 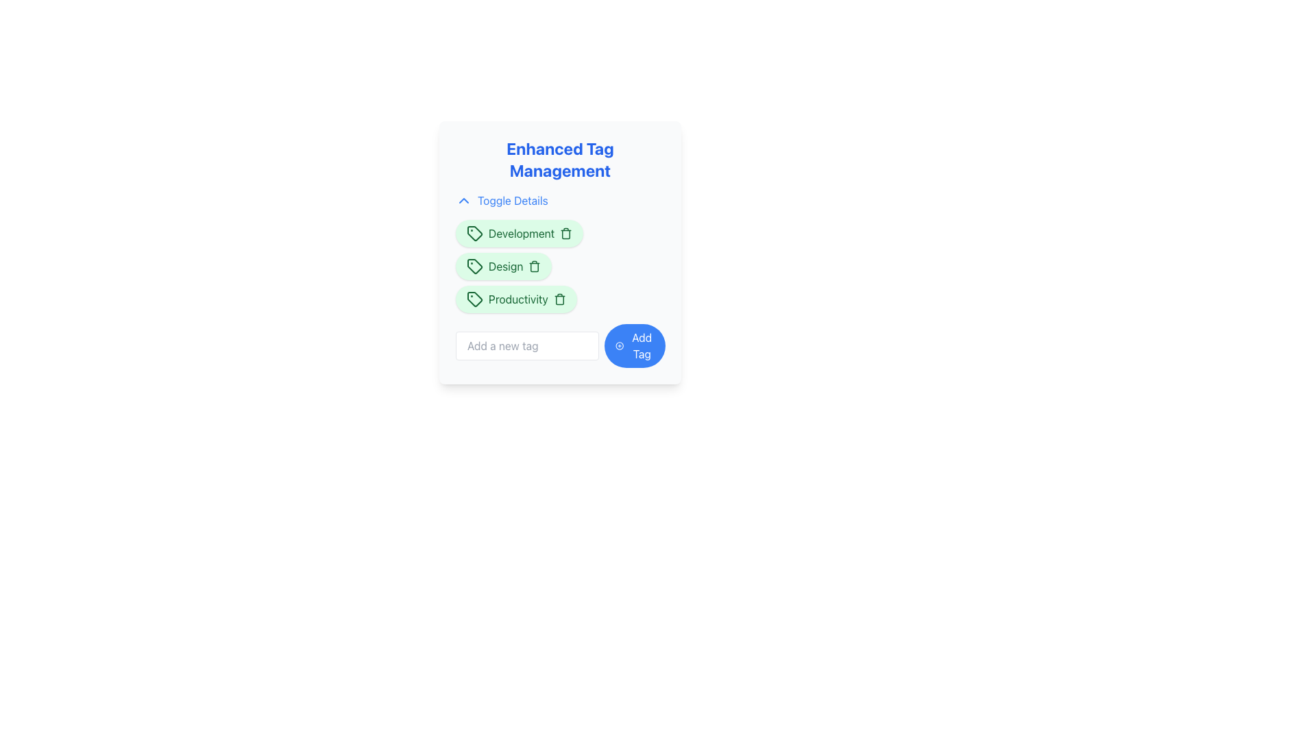 I want to click on the 'Productivity' tag icon, which visually represents the tag concept within the 'Productivity' label, located in a green background rectangle, so click(x=474, y=298).